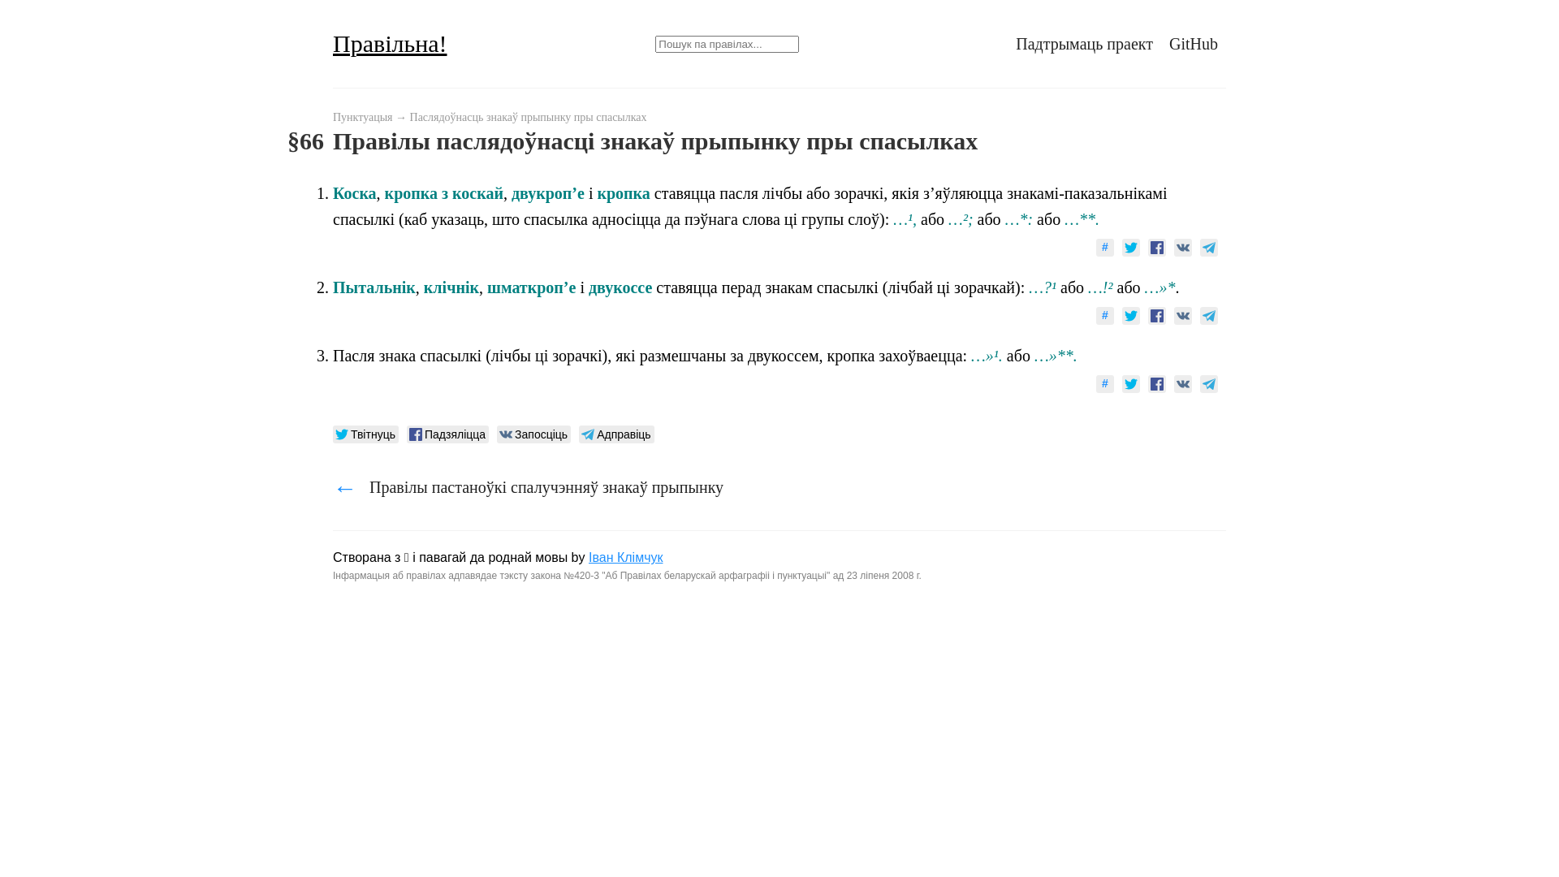 The width and height of the screenshot is (1559, 877). Describe the element at coordinates (1169, 43) in the screenshot. I see `'GitHub'` at that location.